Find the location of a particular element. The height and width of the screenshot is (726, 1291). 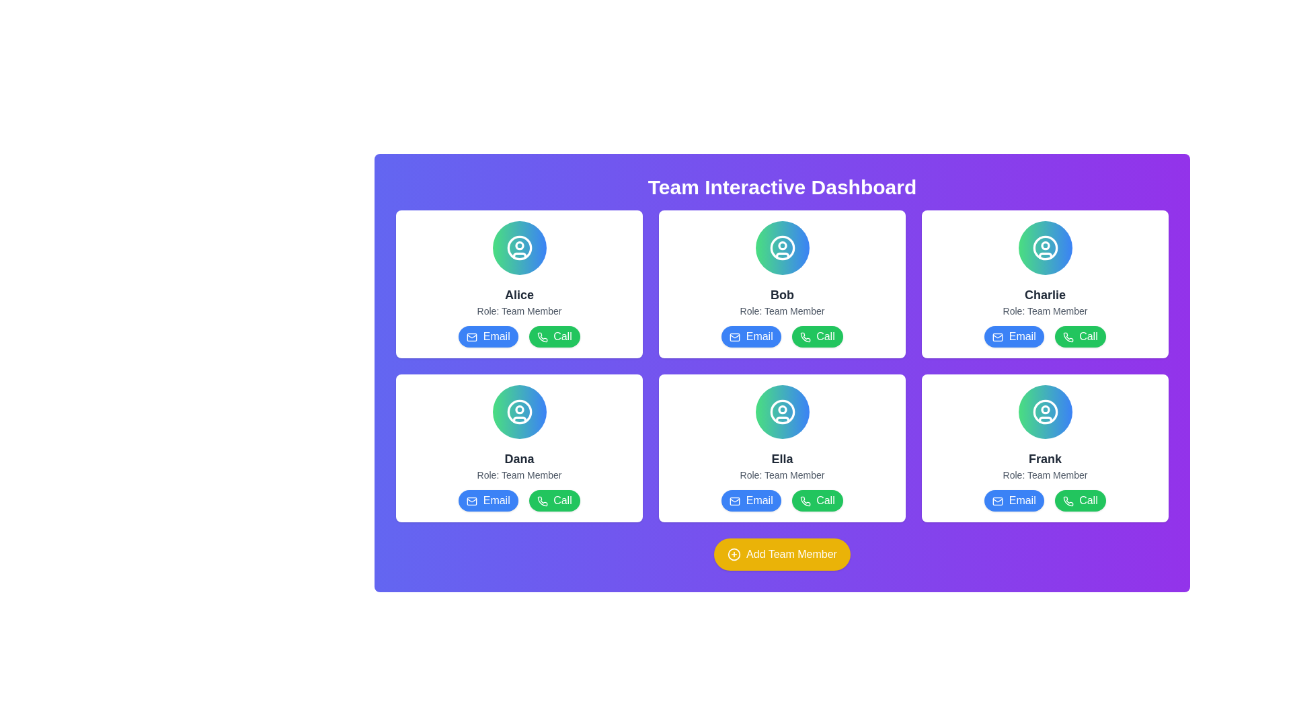

the Profile Icon representing 'Bob', located at the center-top of the middle card, above the text 'Bob' and 'Role: Team Member' is located at coordinates (782, 248).